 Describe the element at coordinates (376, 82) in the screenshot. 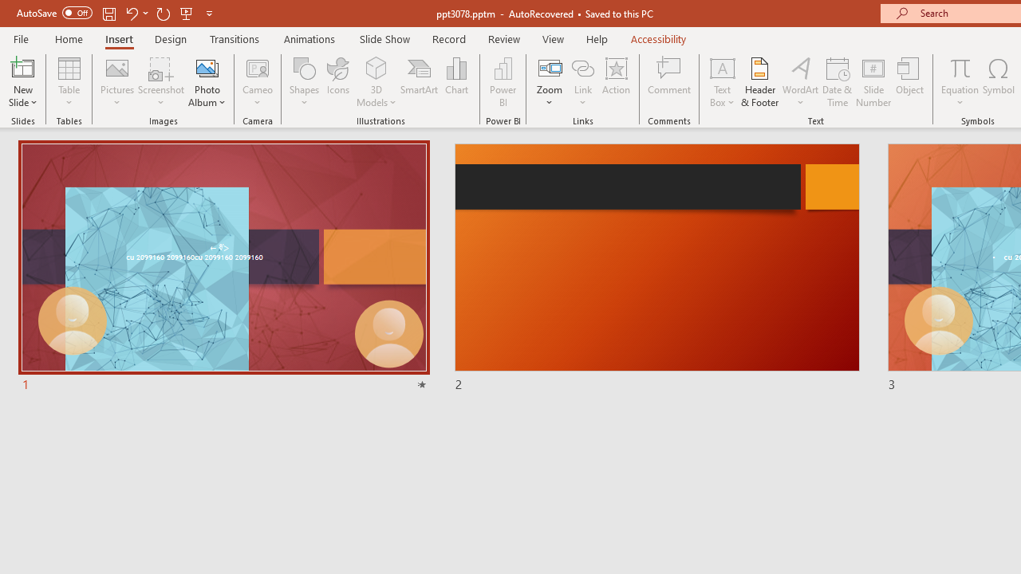

I see `'3D Models'` at that location.